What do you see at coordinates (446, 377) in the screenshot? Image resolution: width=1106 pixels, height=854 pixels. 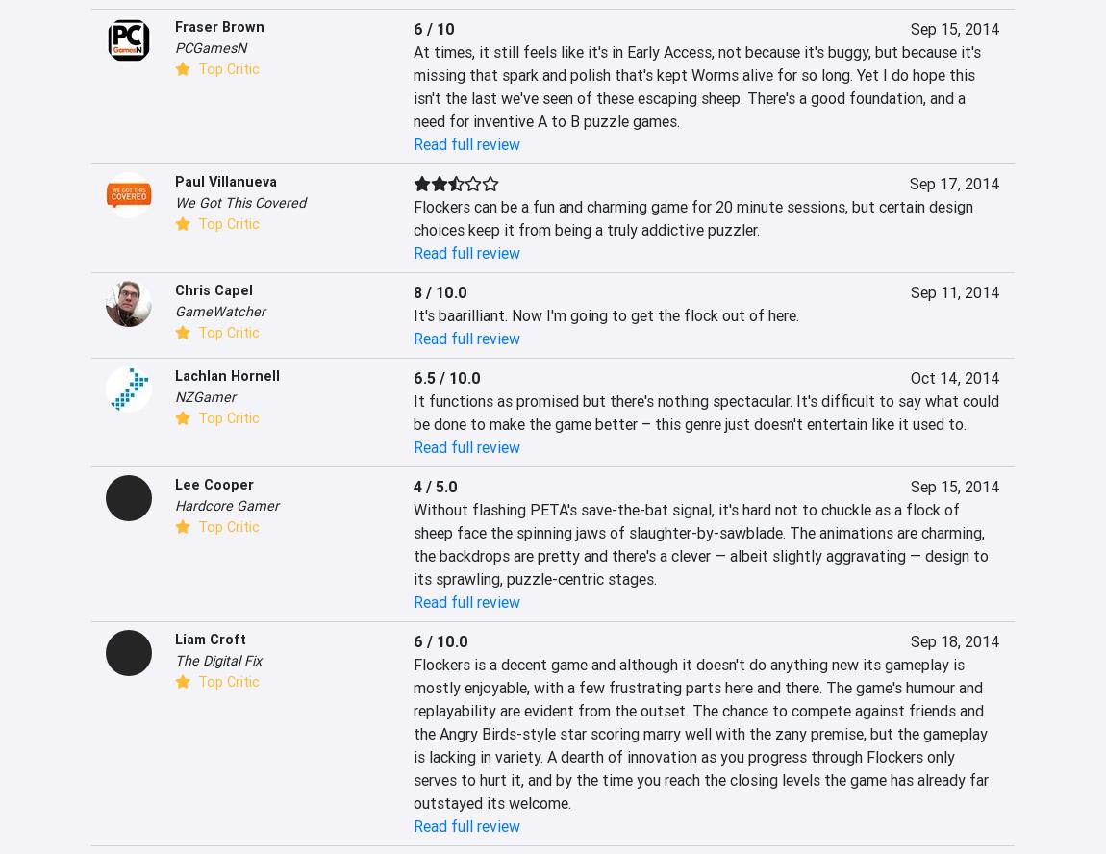 I see `'6.5 / 10.0'` at bounding box center [446, 377].